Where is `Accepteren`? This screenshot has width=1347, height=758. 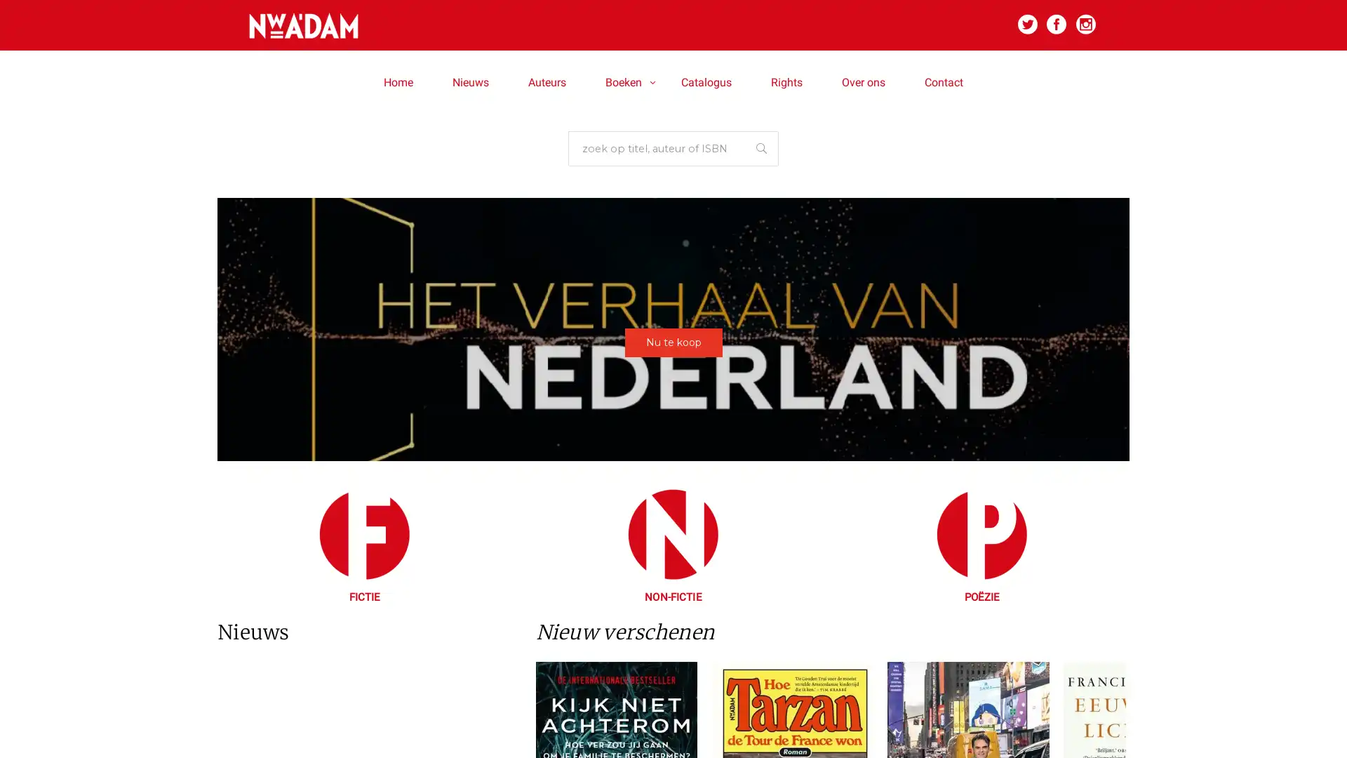 Accepteren is located at coordinates (551, 429).